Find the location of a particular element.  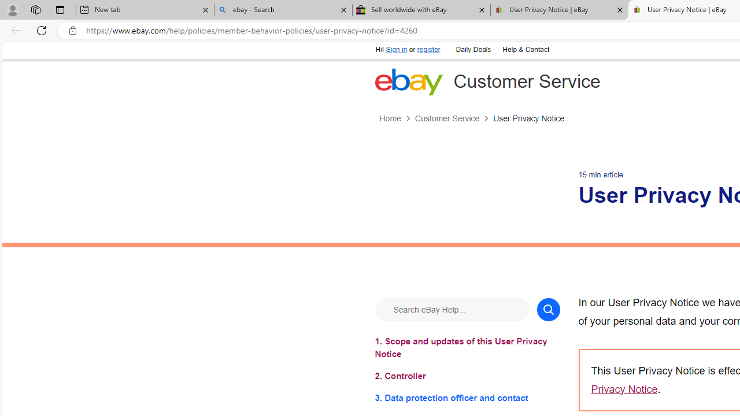

'Search eBay Help...' is located at coordinates (452, 309).